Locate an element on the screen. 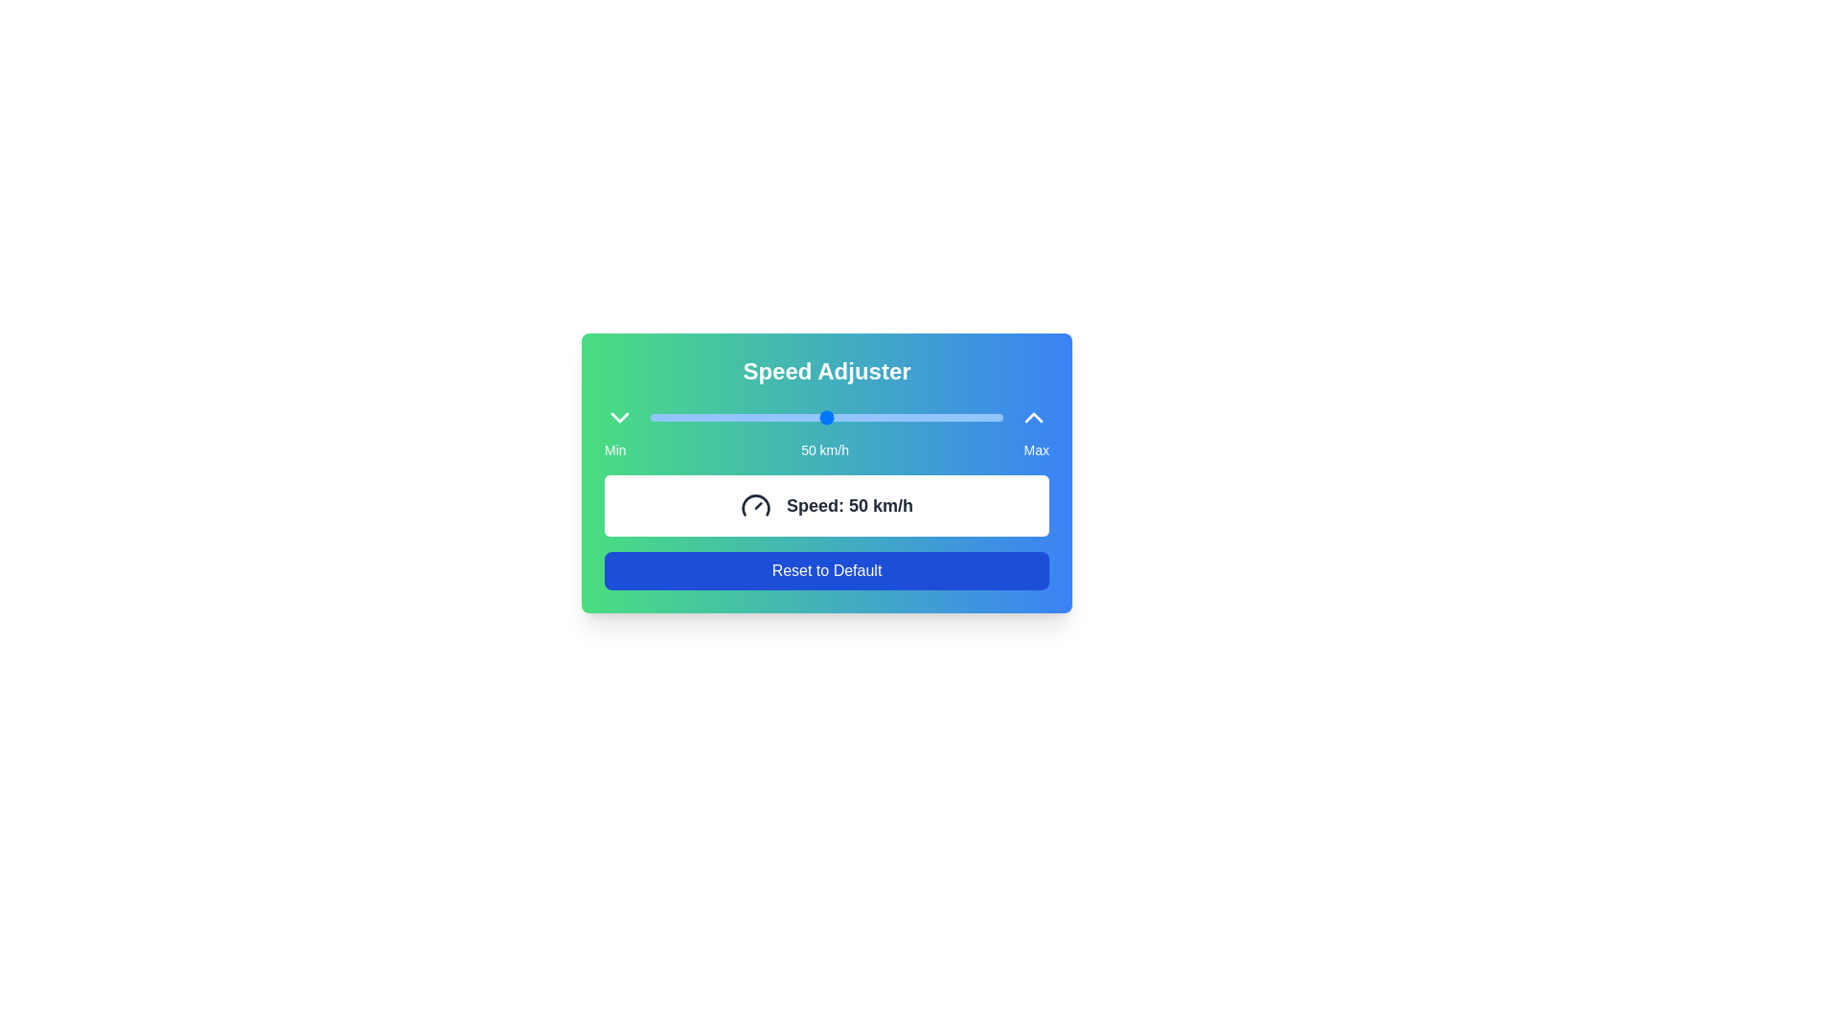  the Arrow icon indicating that the section can be interacted with is located at coordinates (620, 416).